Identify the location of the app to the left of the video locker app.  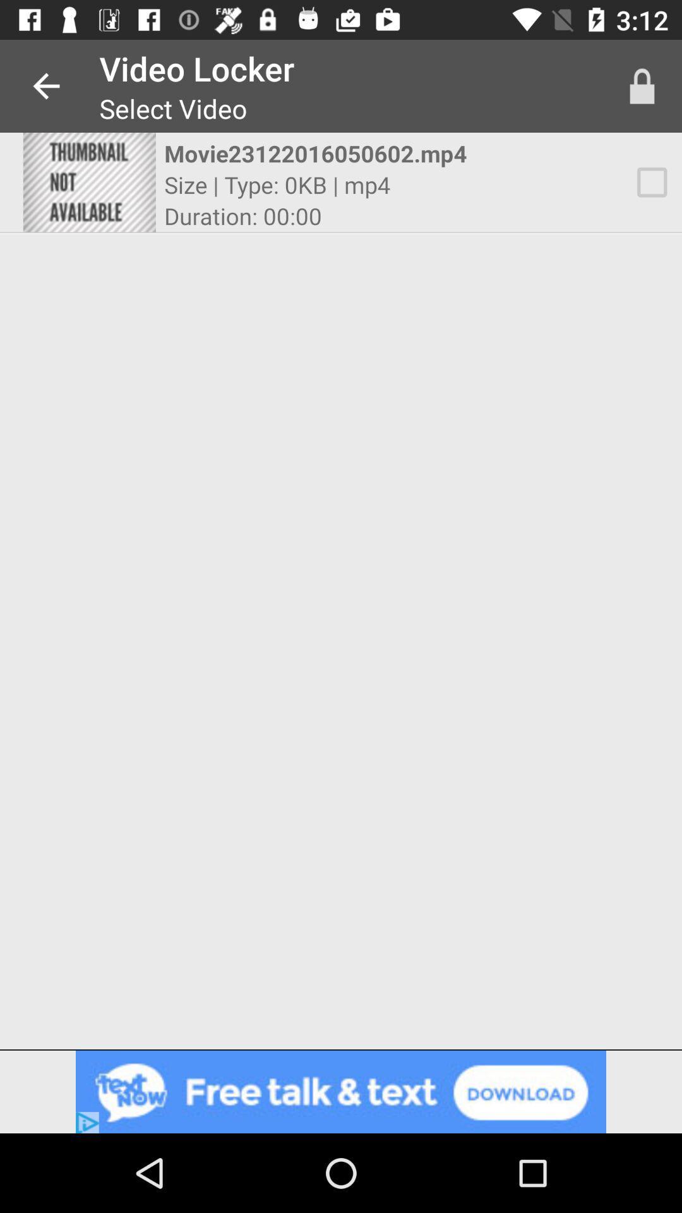
(45, 85).